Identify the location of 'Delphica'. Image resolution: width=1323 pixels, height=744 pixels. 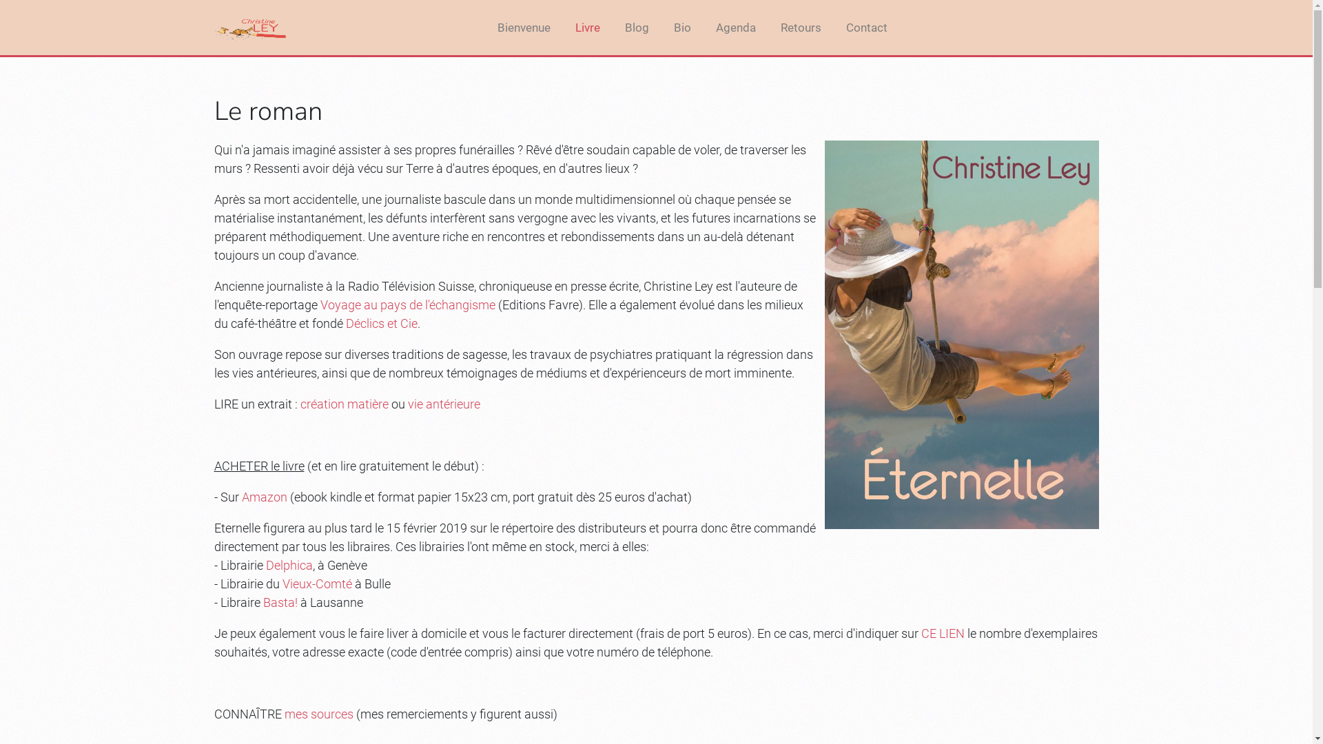
(265, 565).